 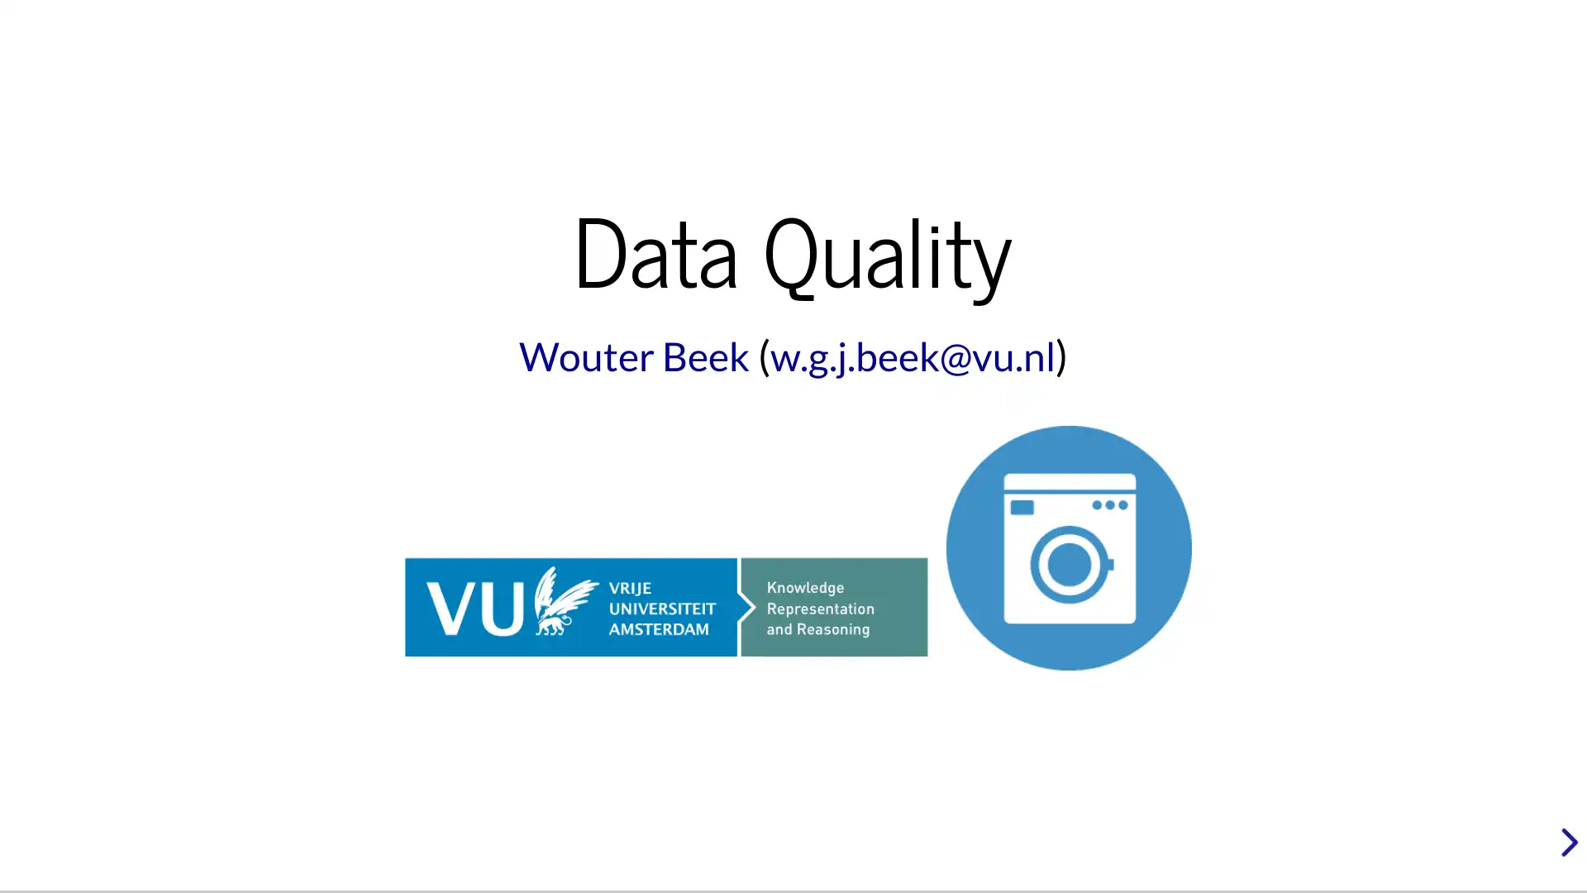 I want to click on next slide, so click(x=1561, y=842).